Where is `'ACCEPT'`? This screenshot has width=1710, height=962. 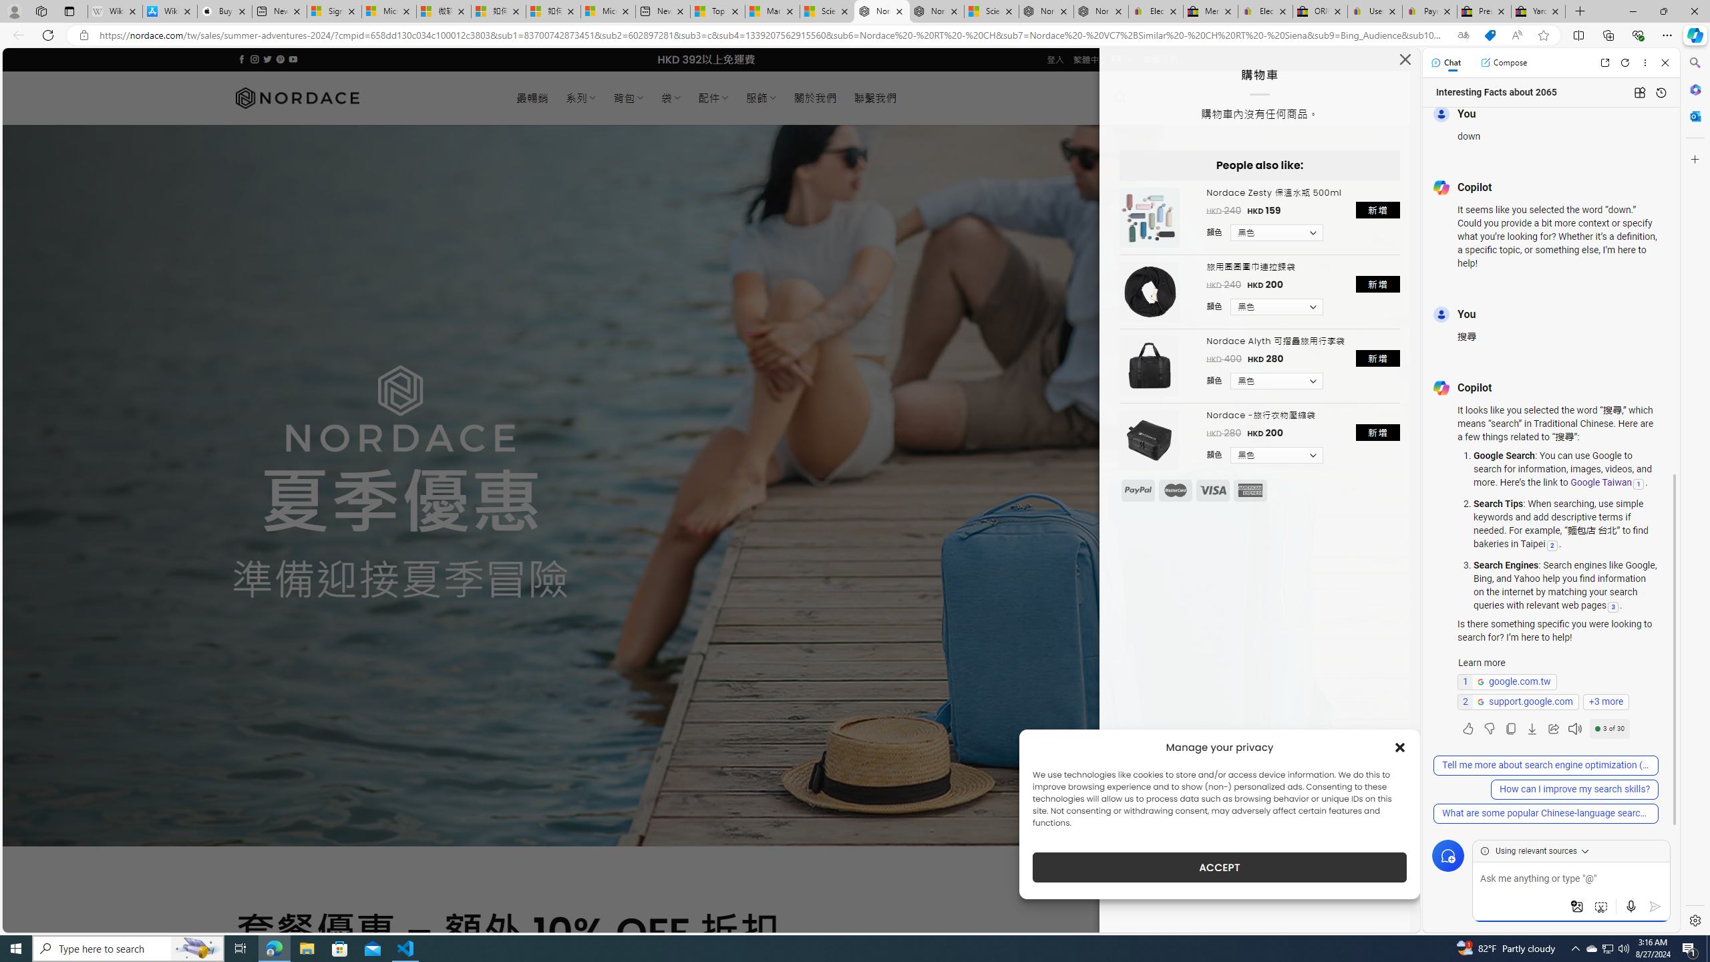 'ACCEPT' is located at coordinates (1220, 867).